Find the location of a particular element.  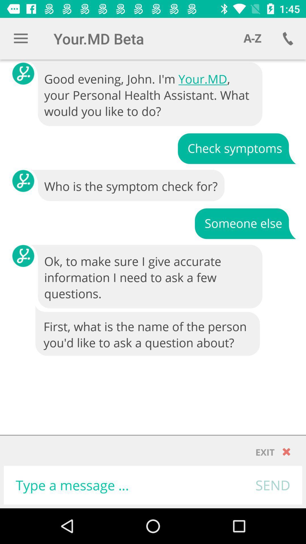

item below the exit item is located at coordinates (273, 485).